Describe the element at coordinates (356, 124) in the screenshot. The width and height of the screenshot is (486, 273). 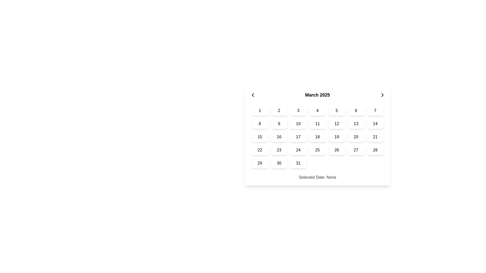
I see `the date '13' button in the calendar` at that location.